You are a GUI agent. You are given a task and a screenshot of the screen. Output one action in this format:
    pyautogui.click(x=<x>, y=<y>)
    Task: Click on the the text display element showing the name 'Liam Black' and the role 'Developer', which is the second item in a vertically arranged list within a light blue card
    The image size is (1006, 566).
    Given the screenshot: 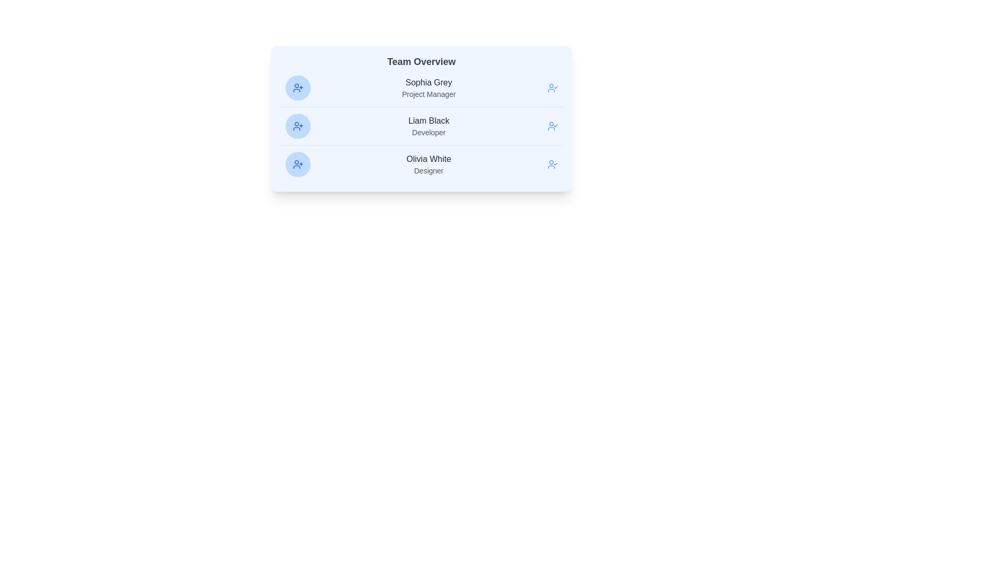 What is the action you would take?
    pyautogui.click(x=429, y=125)
    